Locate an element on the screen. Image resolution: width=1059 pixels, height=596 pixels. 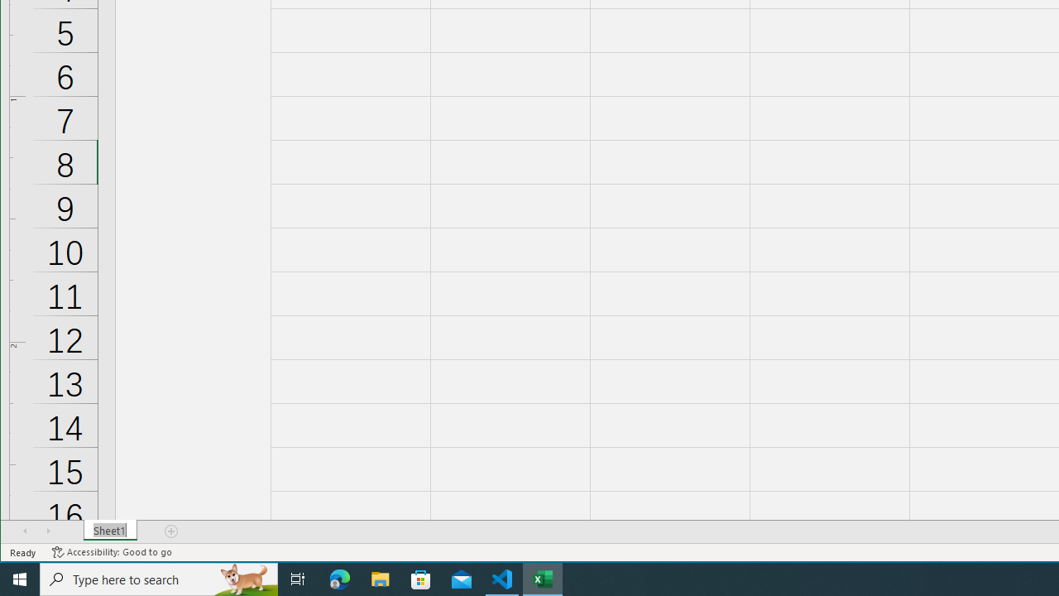
'Microsoft Edge' is located at coordinates (339, 578).